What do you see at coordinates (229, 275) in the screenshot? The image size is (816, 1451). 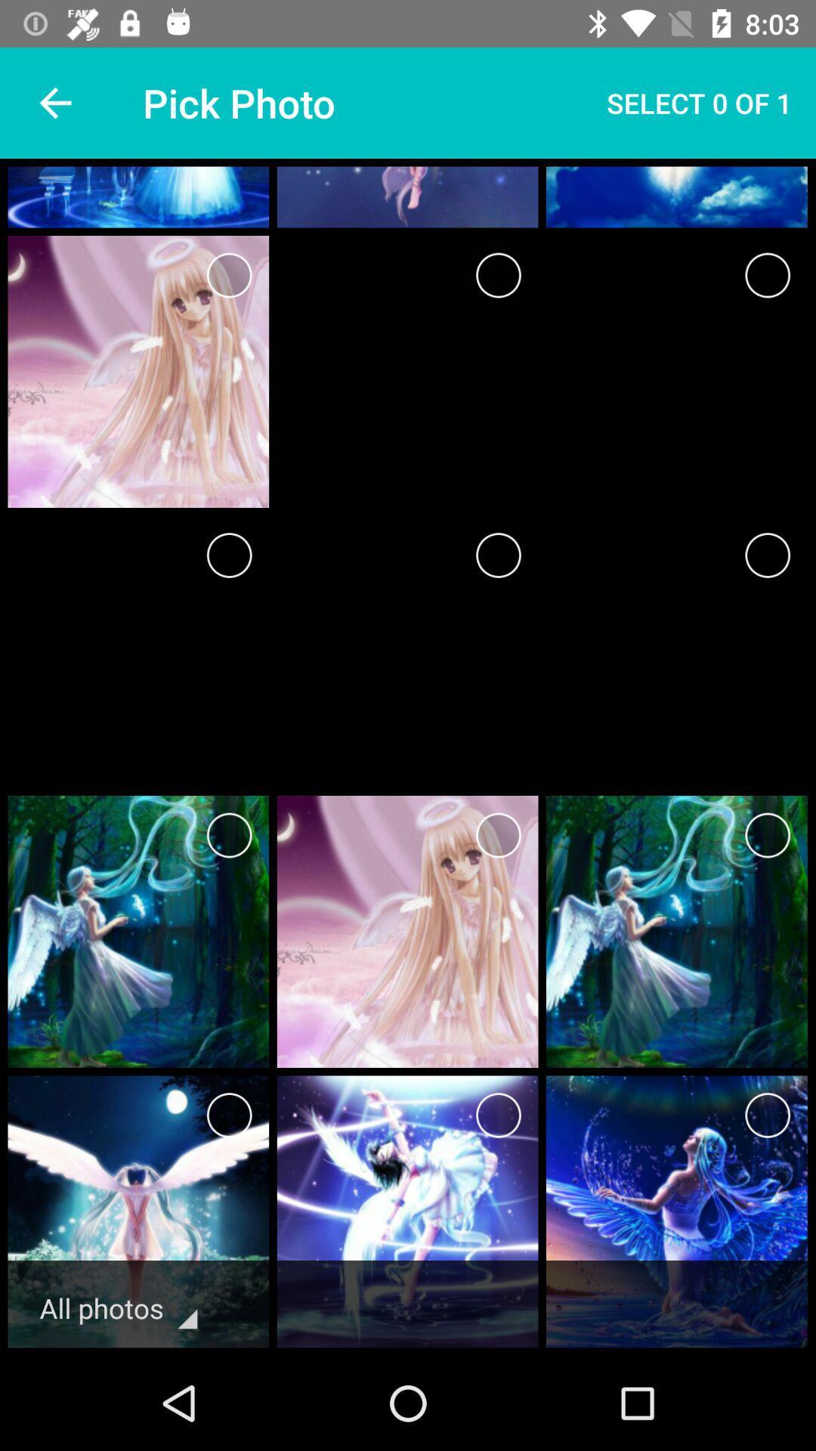 I see `include picture` at bounding box center [229, 275].